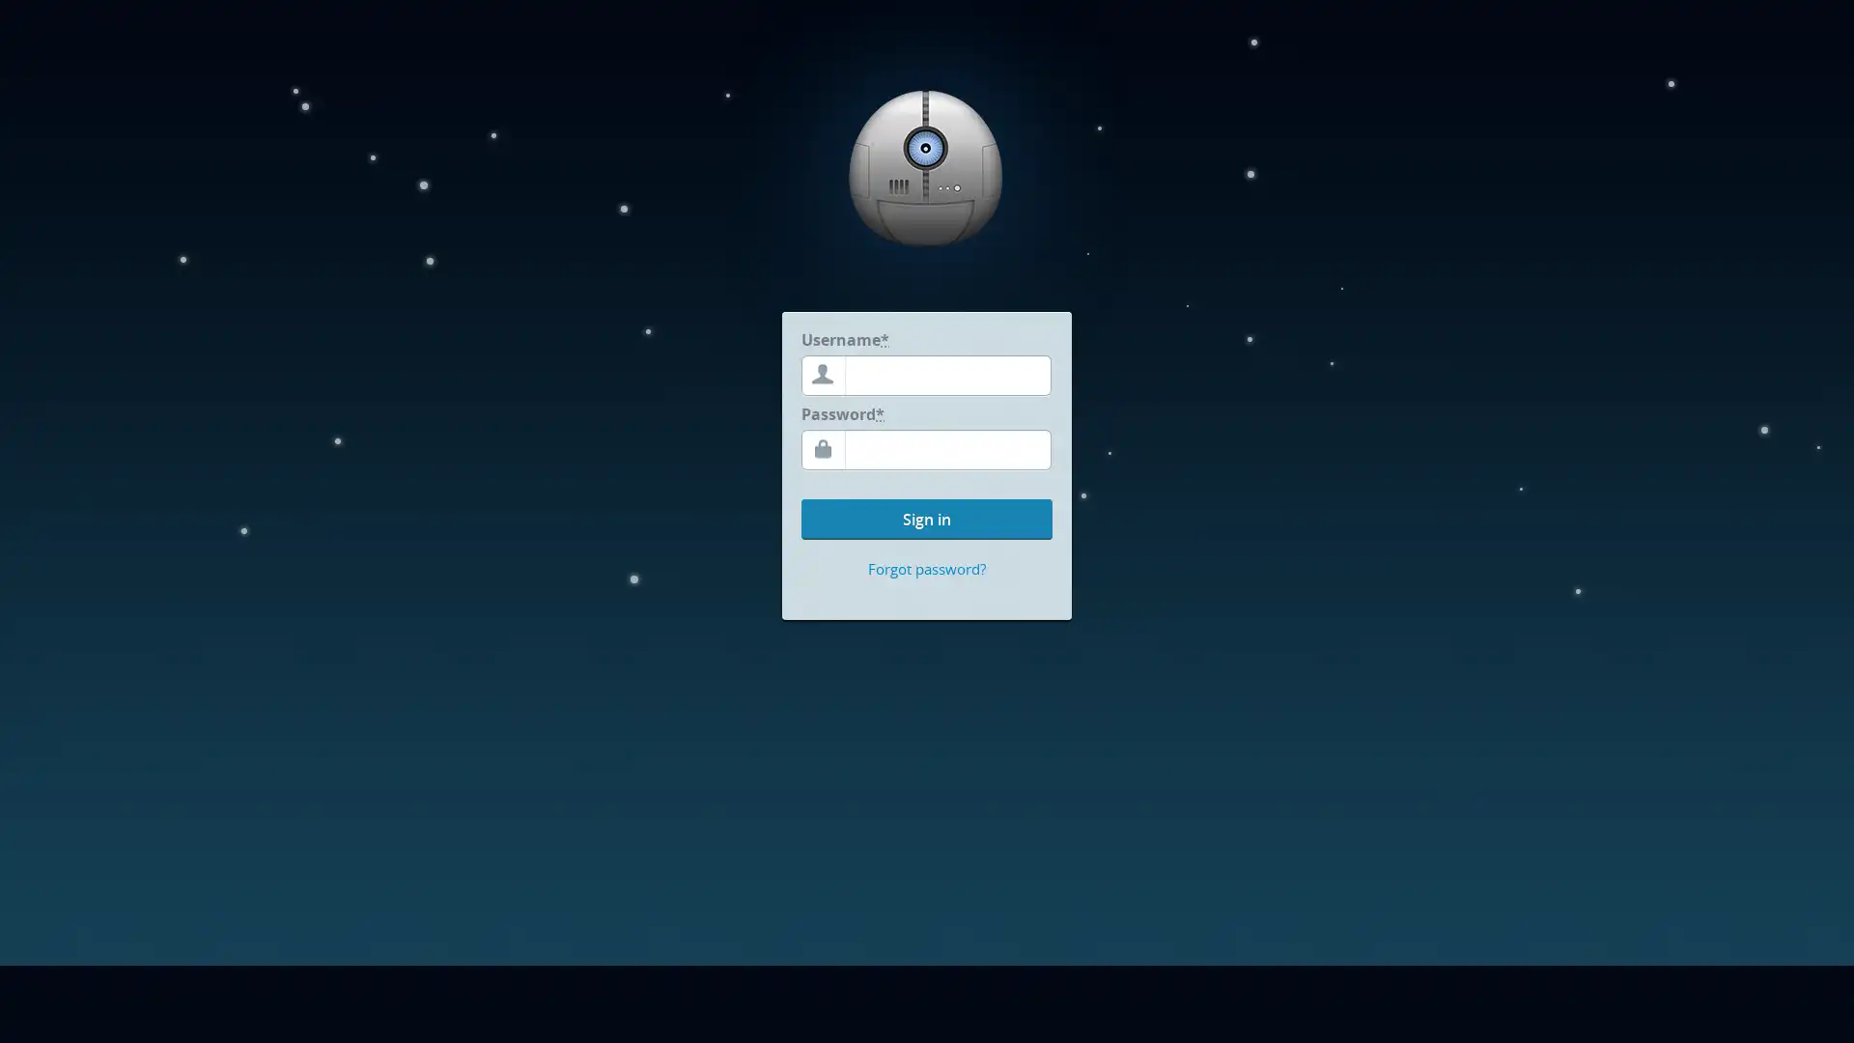 This screenshot has height=1043, width=1854. Describe the element at coordinates (927, 518) in the screenshot. I see `Sign in` at that location.